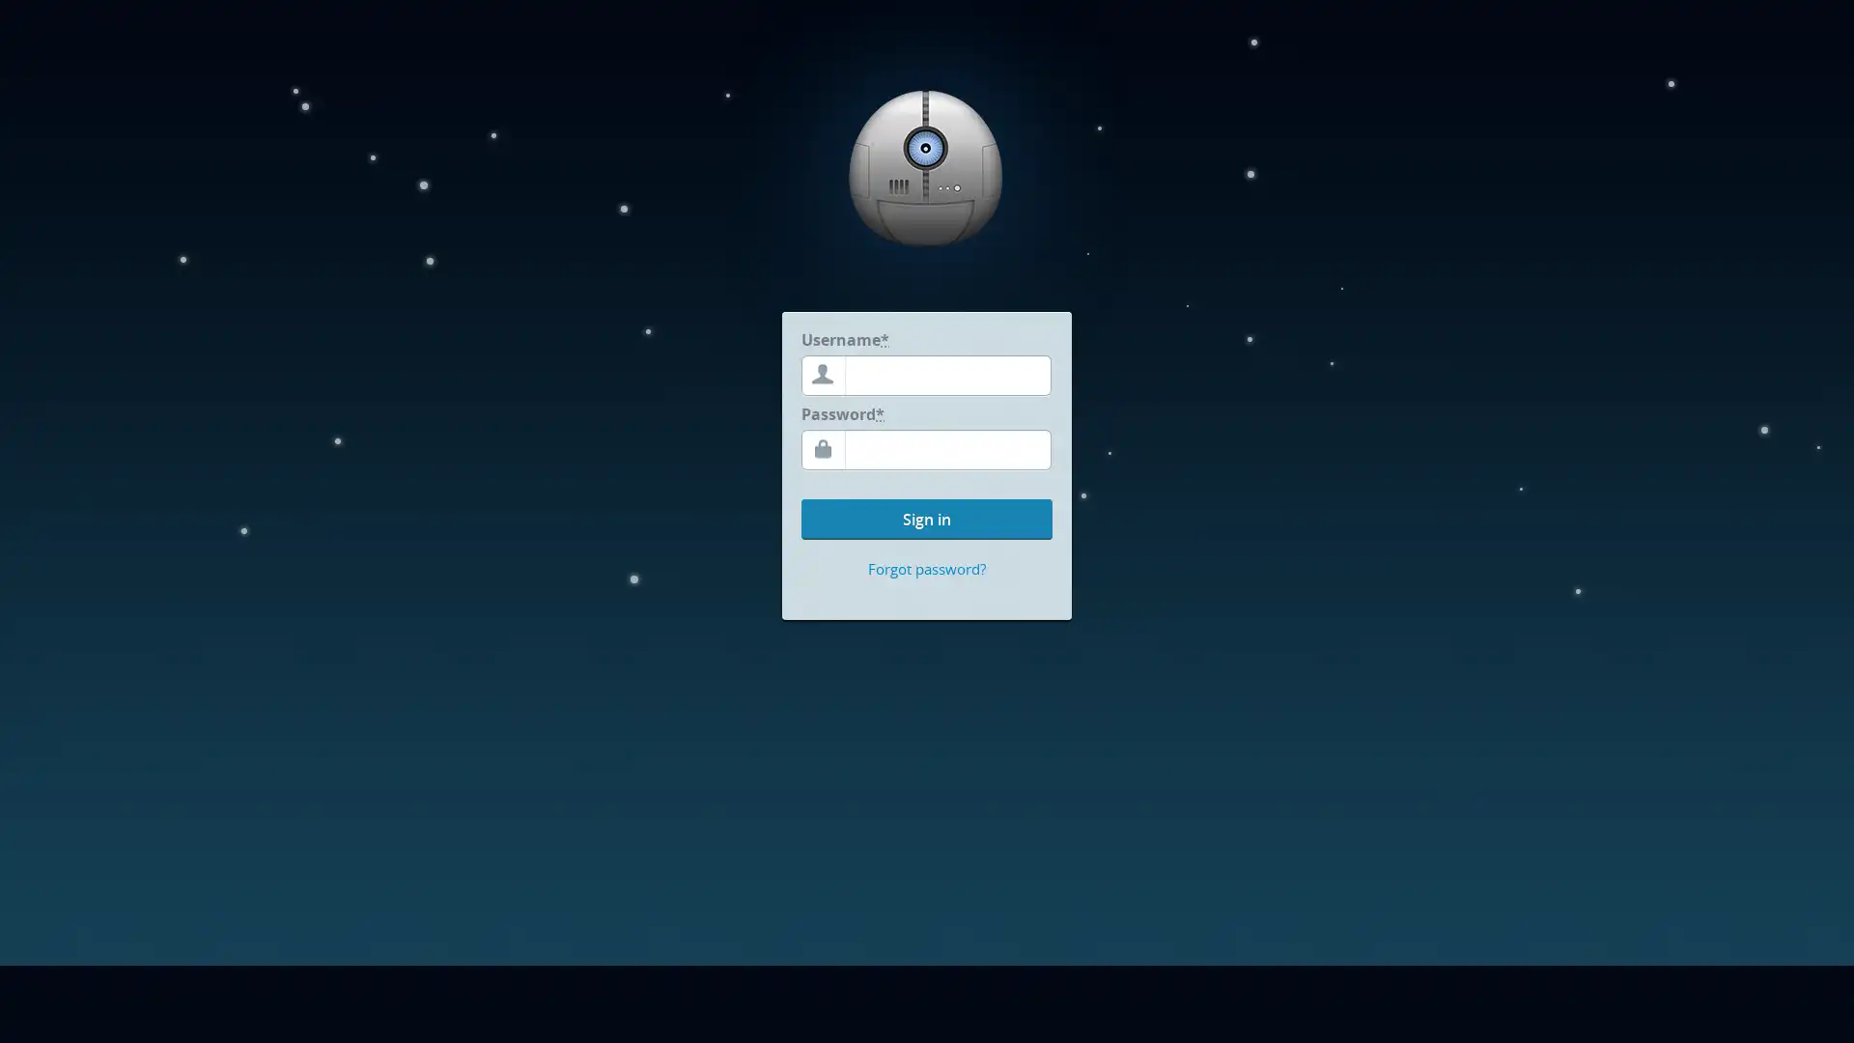 This screenshot has height=1043, width=1854. Describe the element at coordinates (927, 518) in the screenshot. I see `Sign in` at that location.